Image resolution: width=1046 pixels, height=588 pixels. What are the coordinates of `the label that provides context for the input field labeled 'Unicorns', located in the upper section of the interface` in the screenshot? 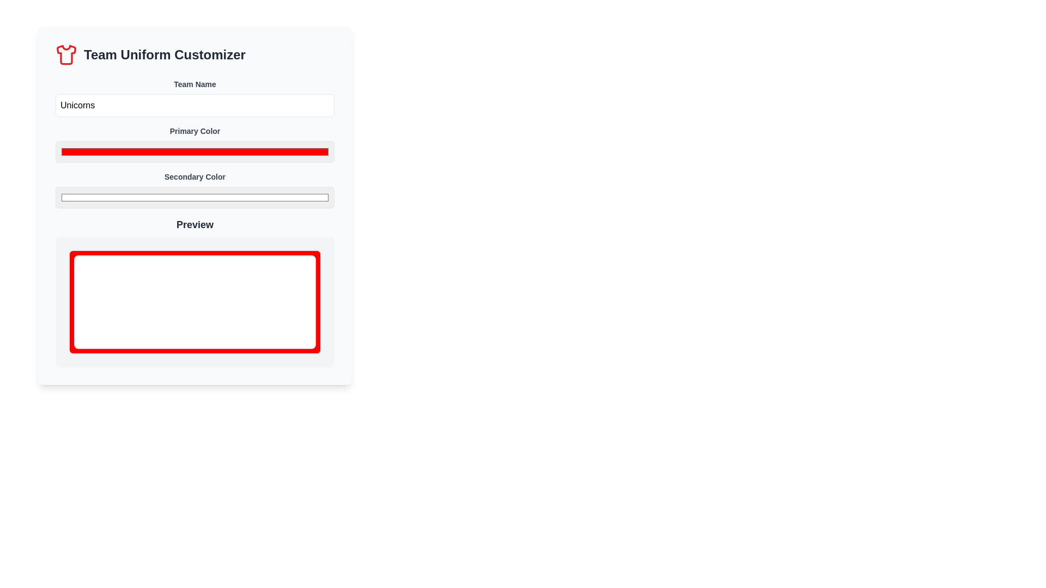 It's located at (195, 83).